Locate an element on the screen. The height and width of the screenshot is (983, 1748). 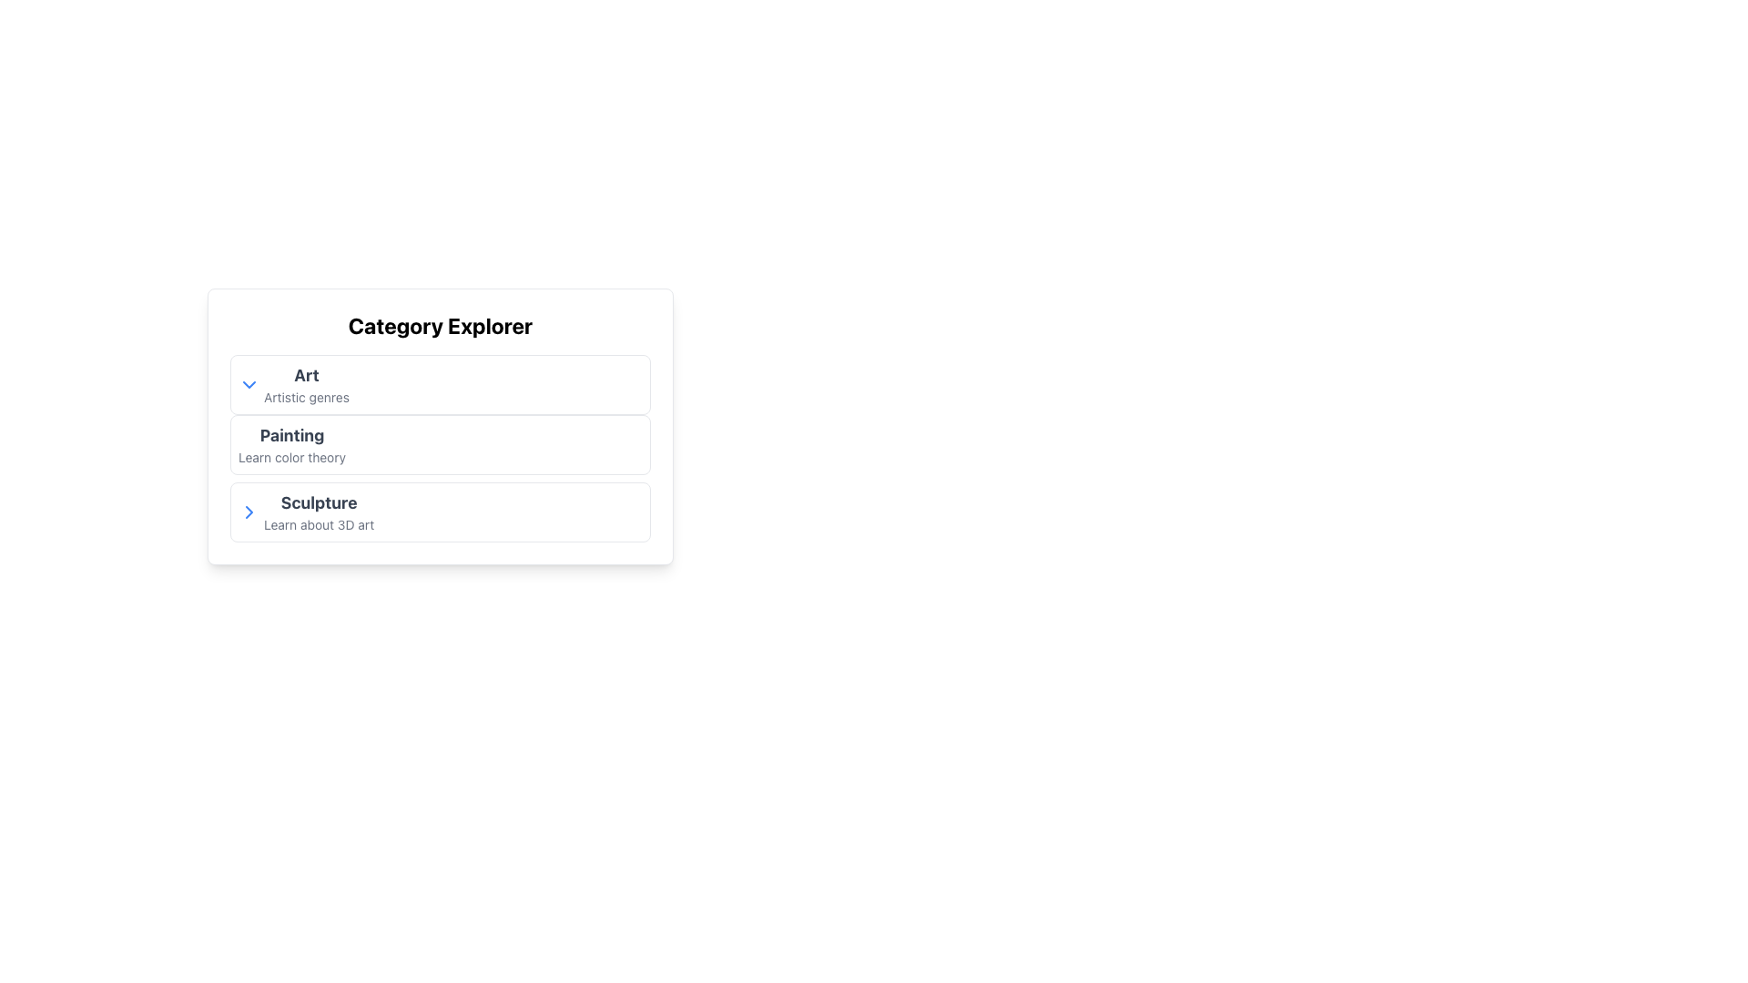
the list item titled 'Sculpture' with a subtitle 'Learn about 3D art' is located at coordinates (441, 512).